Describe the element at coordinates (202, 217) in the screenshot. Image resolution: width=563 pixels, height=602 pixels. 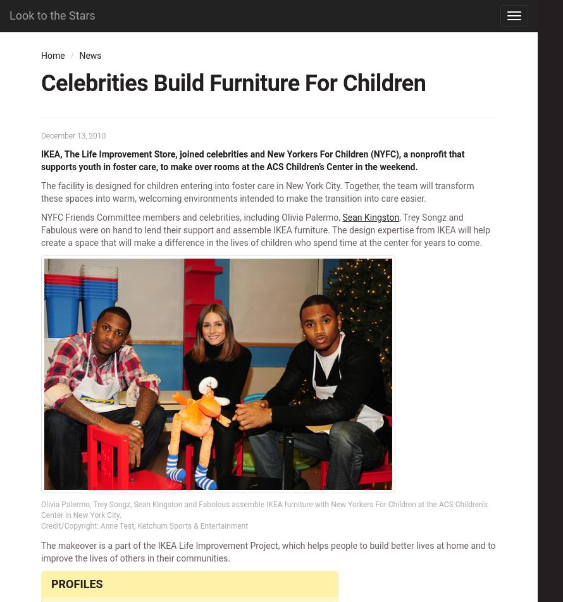
I see `'Friends Committee members and celebrities, including Olivia Palermo,'` at that location.